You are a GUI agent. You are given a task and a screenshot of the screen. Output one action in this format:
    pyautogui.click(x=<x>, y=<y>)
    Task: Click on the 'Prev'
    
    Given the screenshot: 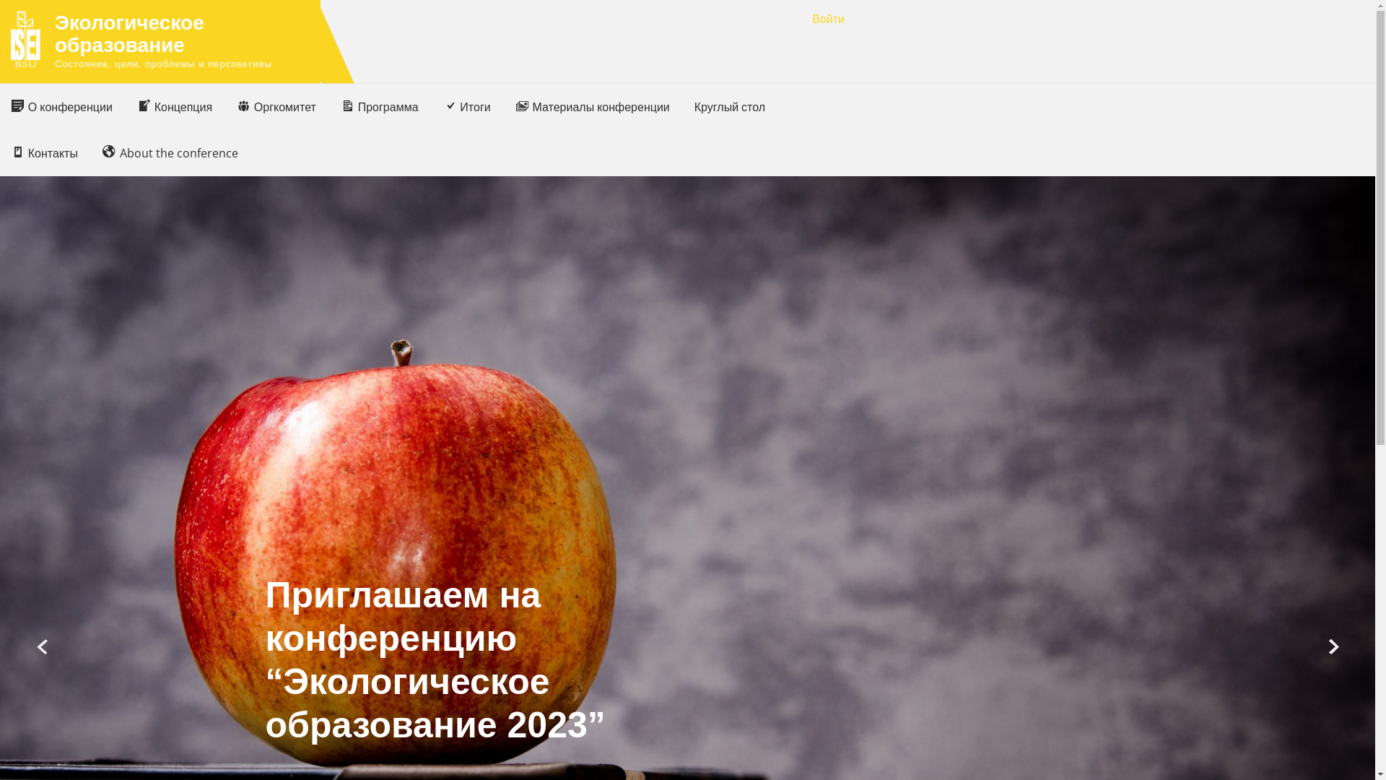 What is the action you would take?
    pyautogui.click(x=43, y=646)
    